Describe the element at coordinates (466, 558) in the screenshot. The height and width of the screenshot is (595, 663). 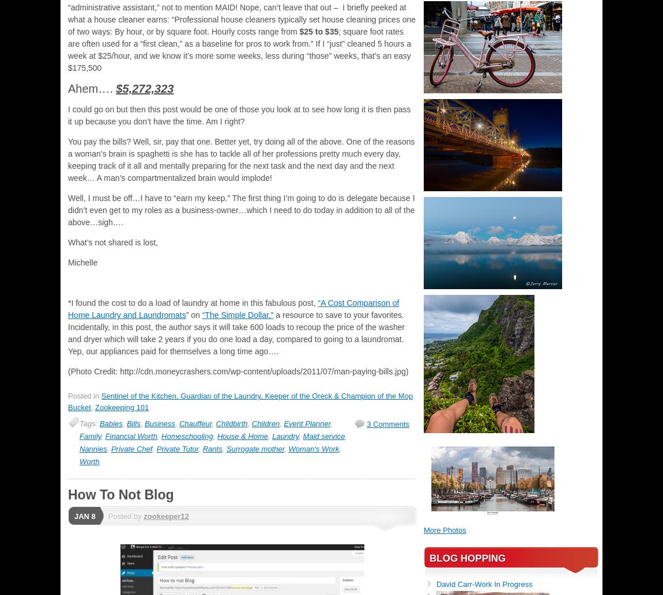
I see `'Blog Hopping'` at that location.